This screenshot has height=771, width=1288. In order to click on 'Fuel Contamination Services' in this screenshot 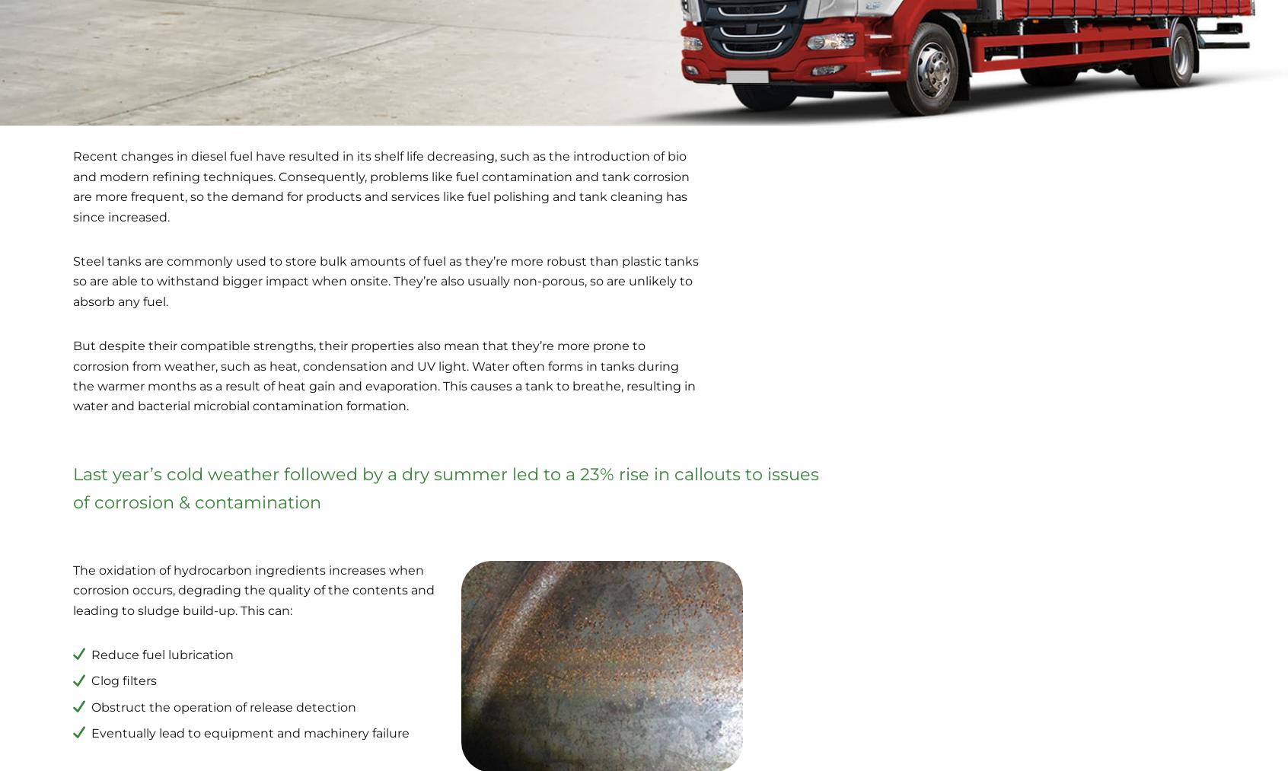, I will do `click(95, 553)`.